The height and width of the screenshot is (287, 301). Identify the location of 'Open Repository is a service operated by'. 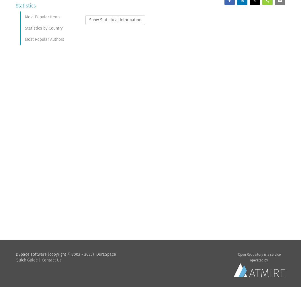
(238, 257).